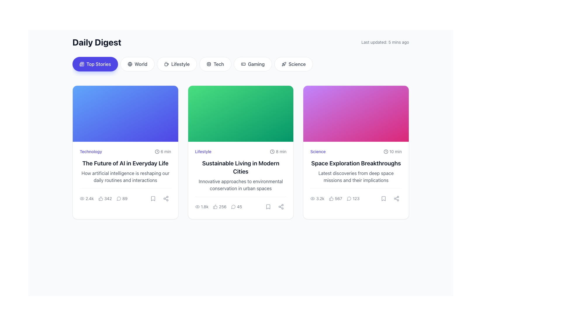 This screenshot has height=315, width=561. Describe the element at coordinates (141, 64) in the screenshot. I see `the text label within the second button in the category selection bar` at that location.